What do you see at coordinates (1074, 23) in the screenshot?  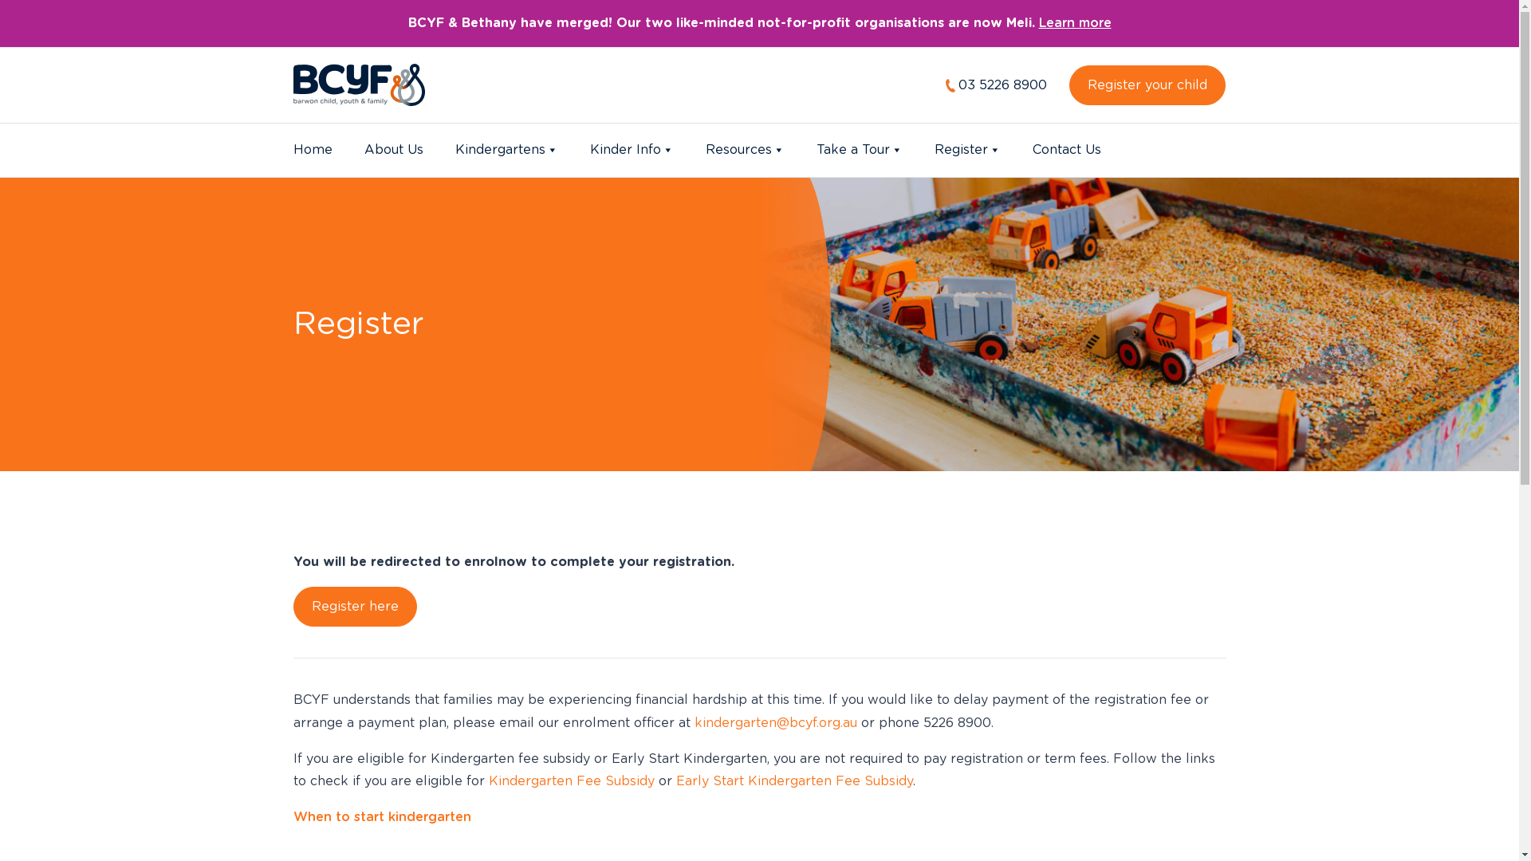 I see `'Learn more'` at bounding box center [1074, 23].